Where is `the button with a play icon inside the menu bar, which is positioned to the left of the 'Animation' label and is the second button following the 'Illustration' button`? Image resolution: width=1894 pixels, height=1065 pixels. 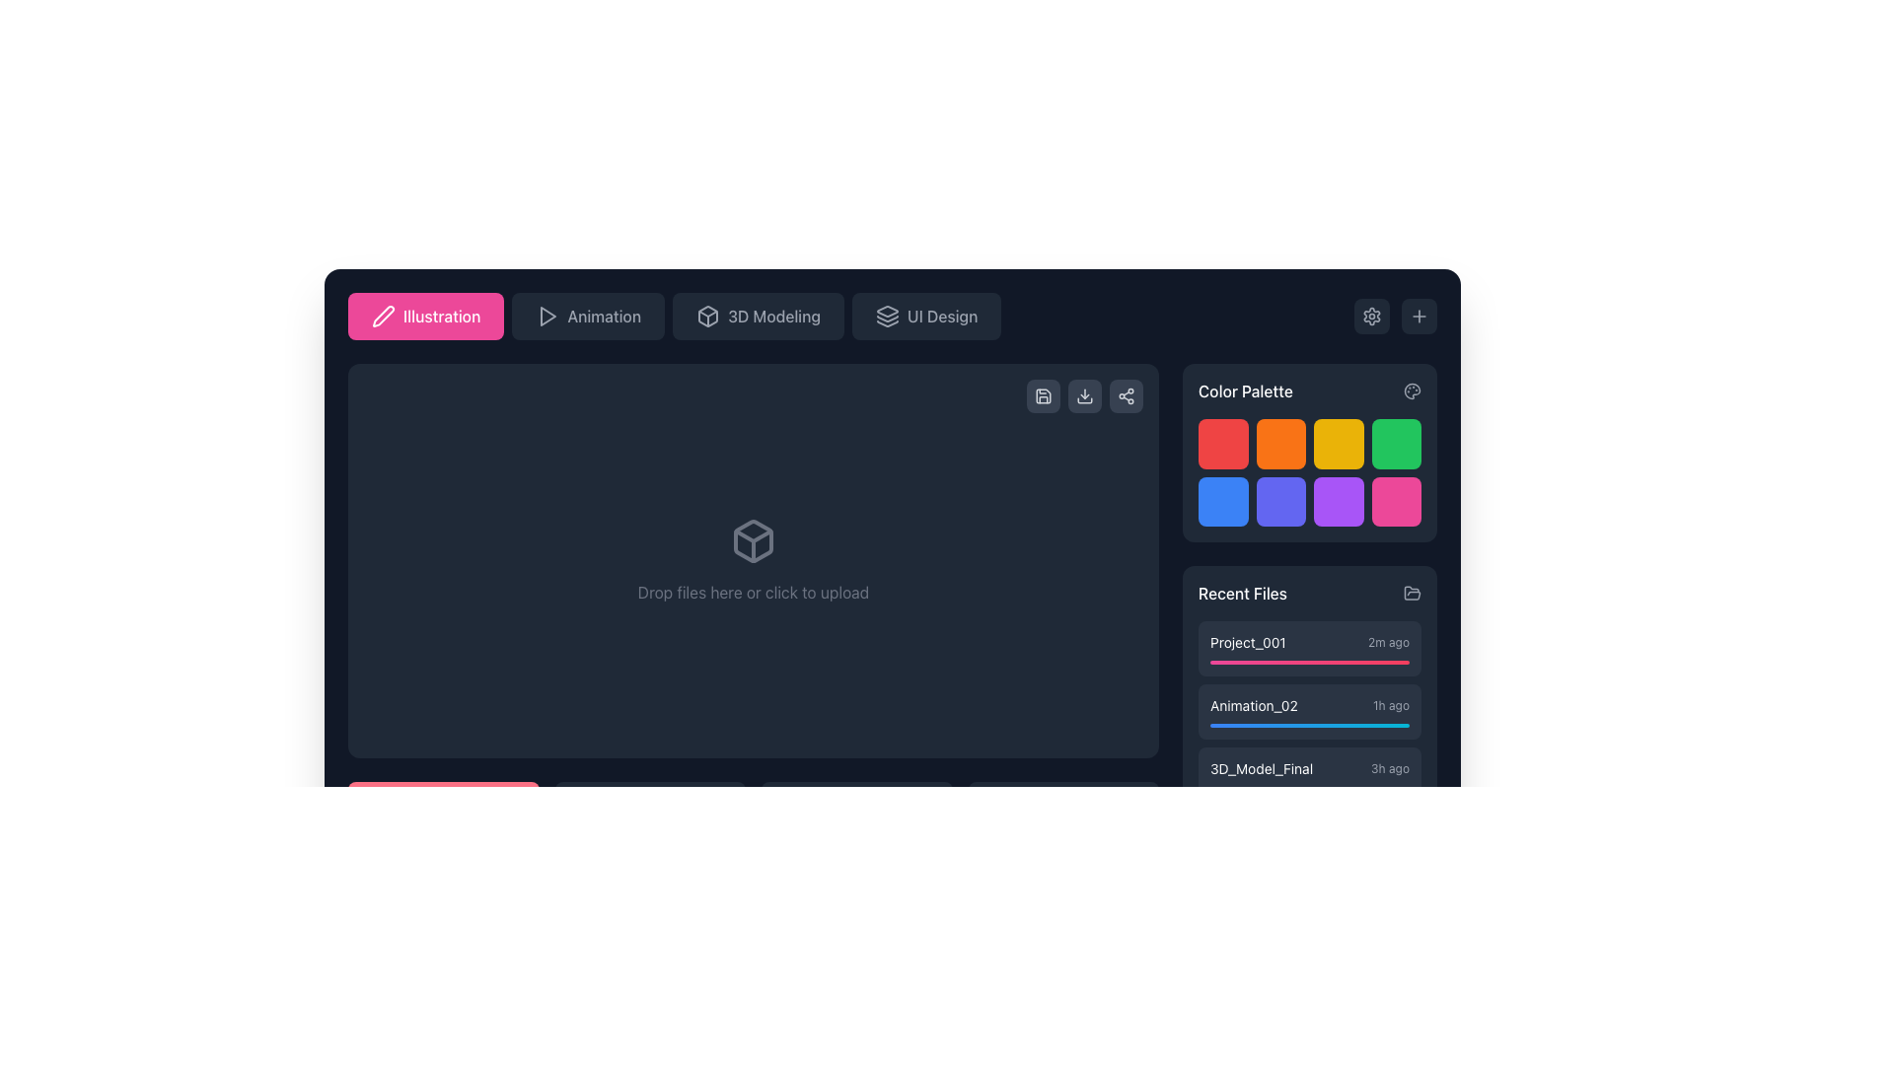
the button with a play icon inside the menu bar, which is positioned to the left of the 'Animation' label and is the second button following the 'Illustration' button is located at coordinates (547, 315).